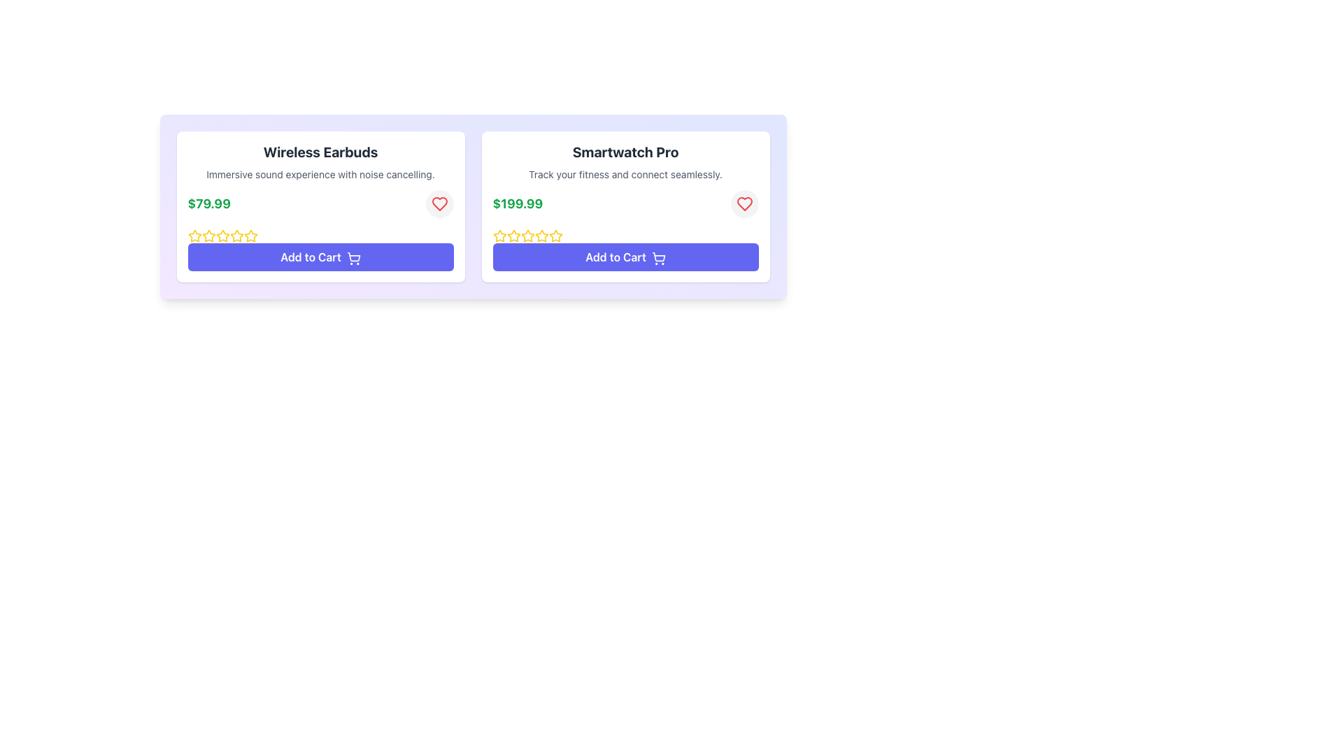 Image resolution: width=1343 pixels, height=755 pixels. Describe the element at coordinates (527, 235) in the screenshot. I see `the second star icon in the star rating system for 'Smartwatch Pro'` at that location.